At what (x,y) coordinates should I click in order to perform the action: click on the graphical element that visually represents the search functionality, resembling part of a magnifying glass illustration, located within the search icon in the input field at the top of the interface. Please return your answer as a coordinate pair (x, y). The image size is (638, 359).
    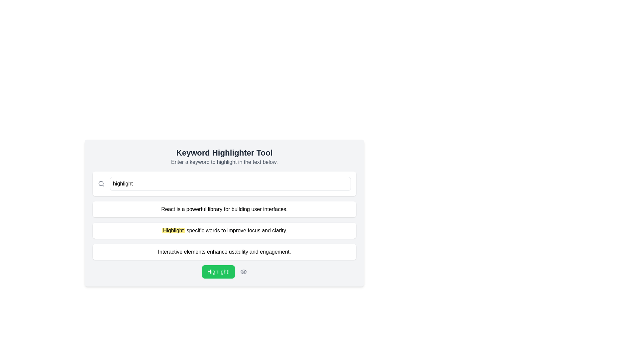
    Looking at the image, I should click on (101, 183).